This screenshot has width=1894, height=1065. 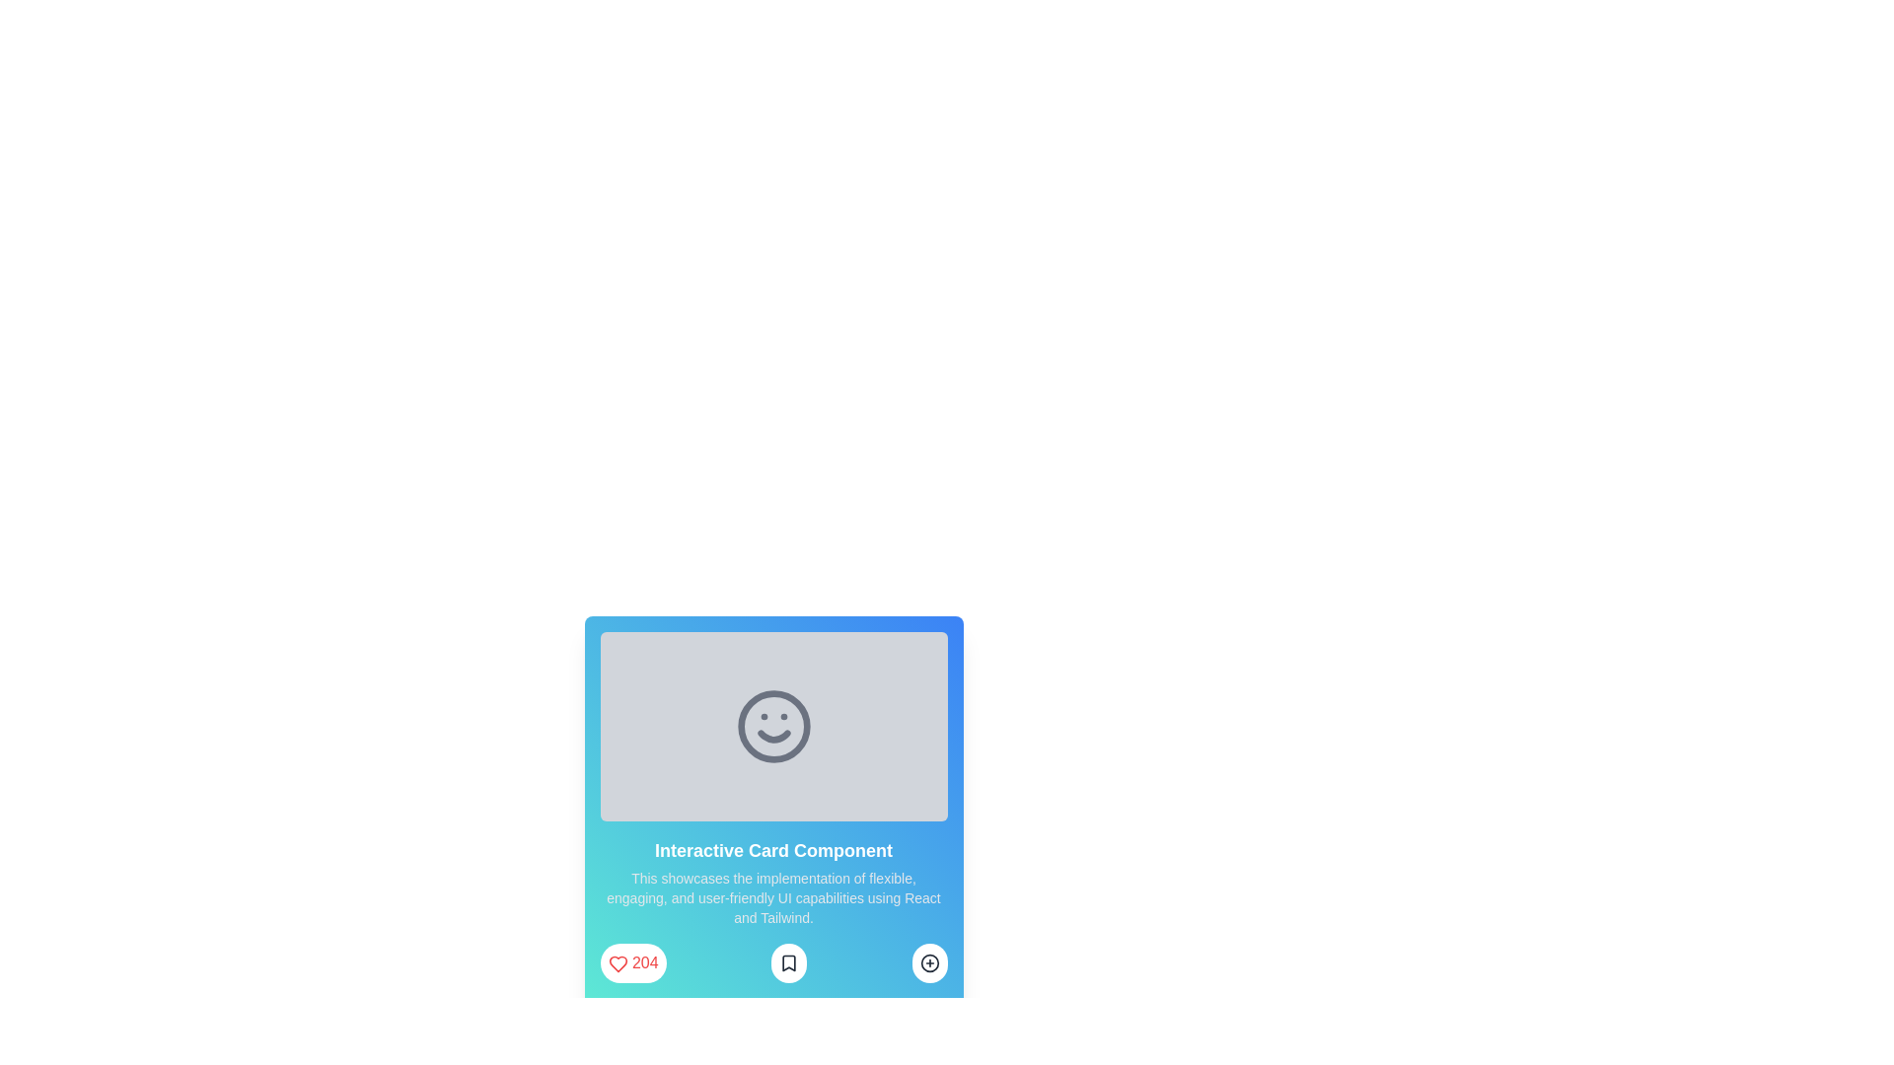 What do you see at coordinates (789, 961) in the screenshot?
I see `the bookmark-like icon, which is the second from the left among three icons in the bottom section of a card interface, positioned between a heart icon and a plus icon` at bounding box center [789, 961].